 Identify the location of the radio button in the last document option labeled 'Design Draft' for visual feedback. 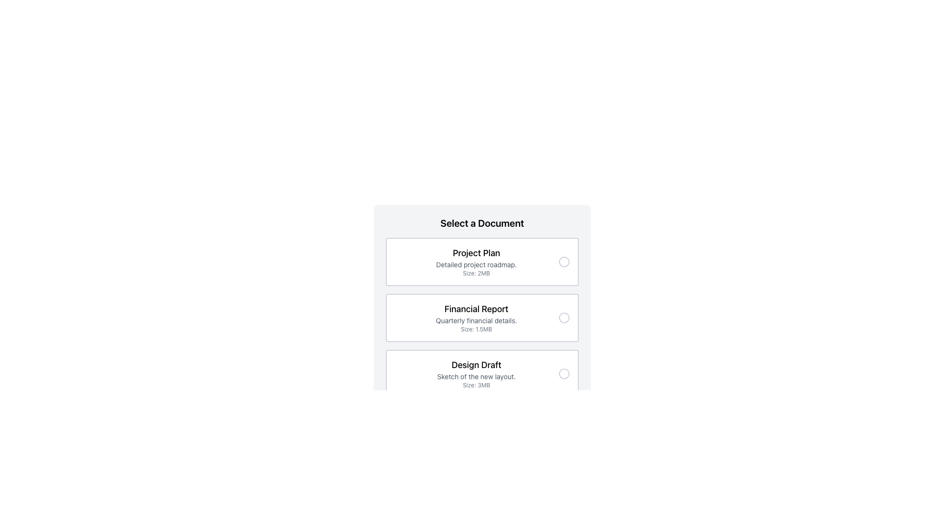
(564, 373).